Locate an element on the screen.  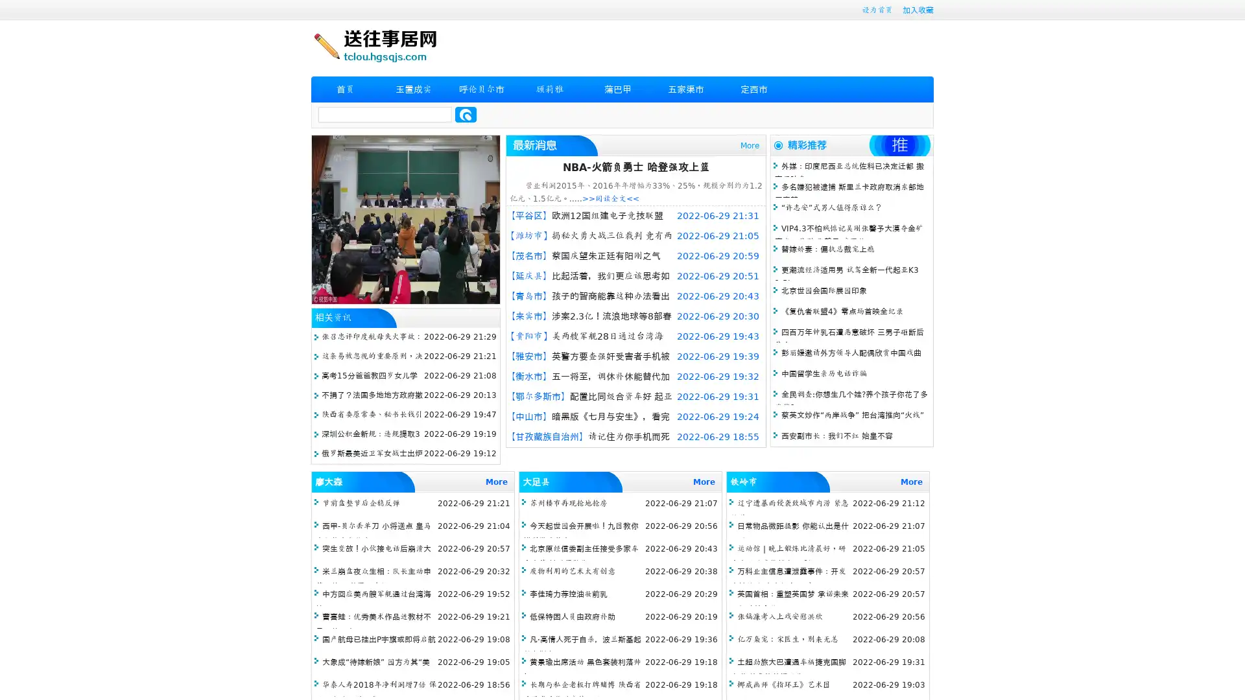
Search is located at coordinates (466, 114).